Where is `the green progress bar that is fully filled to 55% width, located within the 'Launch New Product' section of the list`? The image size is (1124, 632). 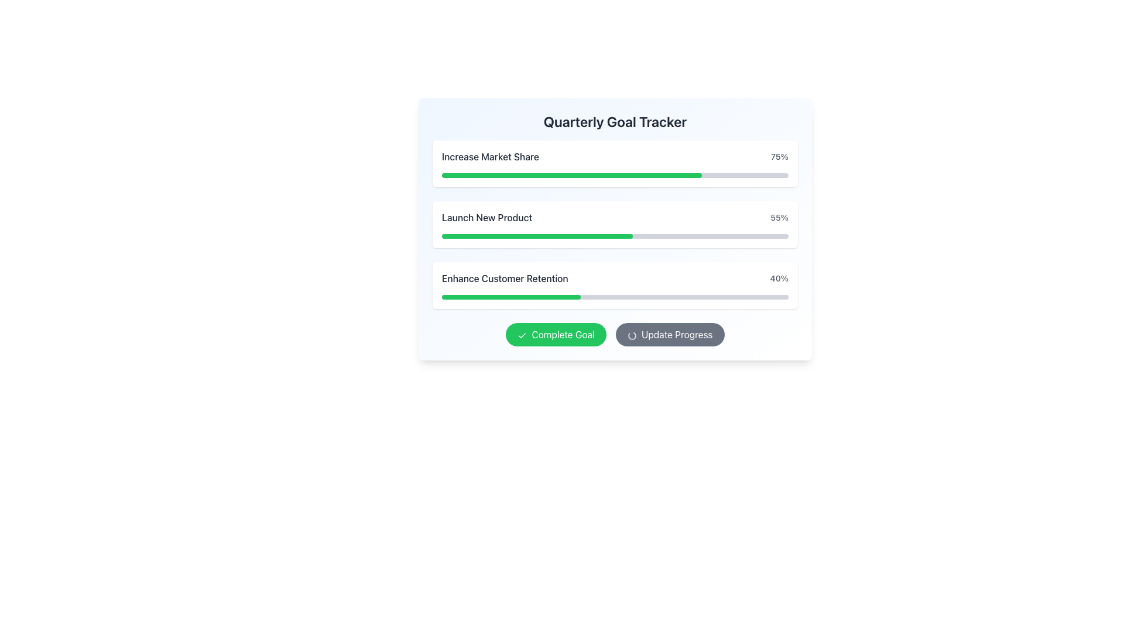 the green progress bar that is fully filled to 55% width, located within the 'Launch New Product' section of the list is located at coordinates (536, 236).